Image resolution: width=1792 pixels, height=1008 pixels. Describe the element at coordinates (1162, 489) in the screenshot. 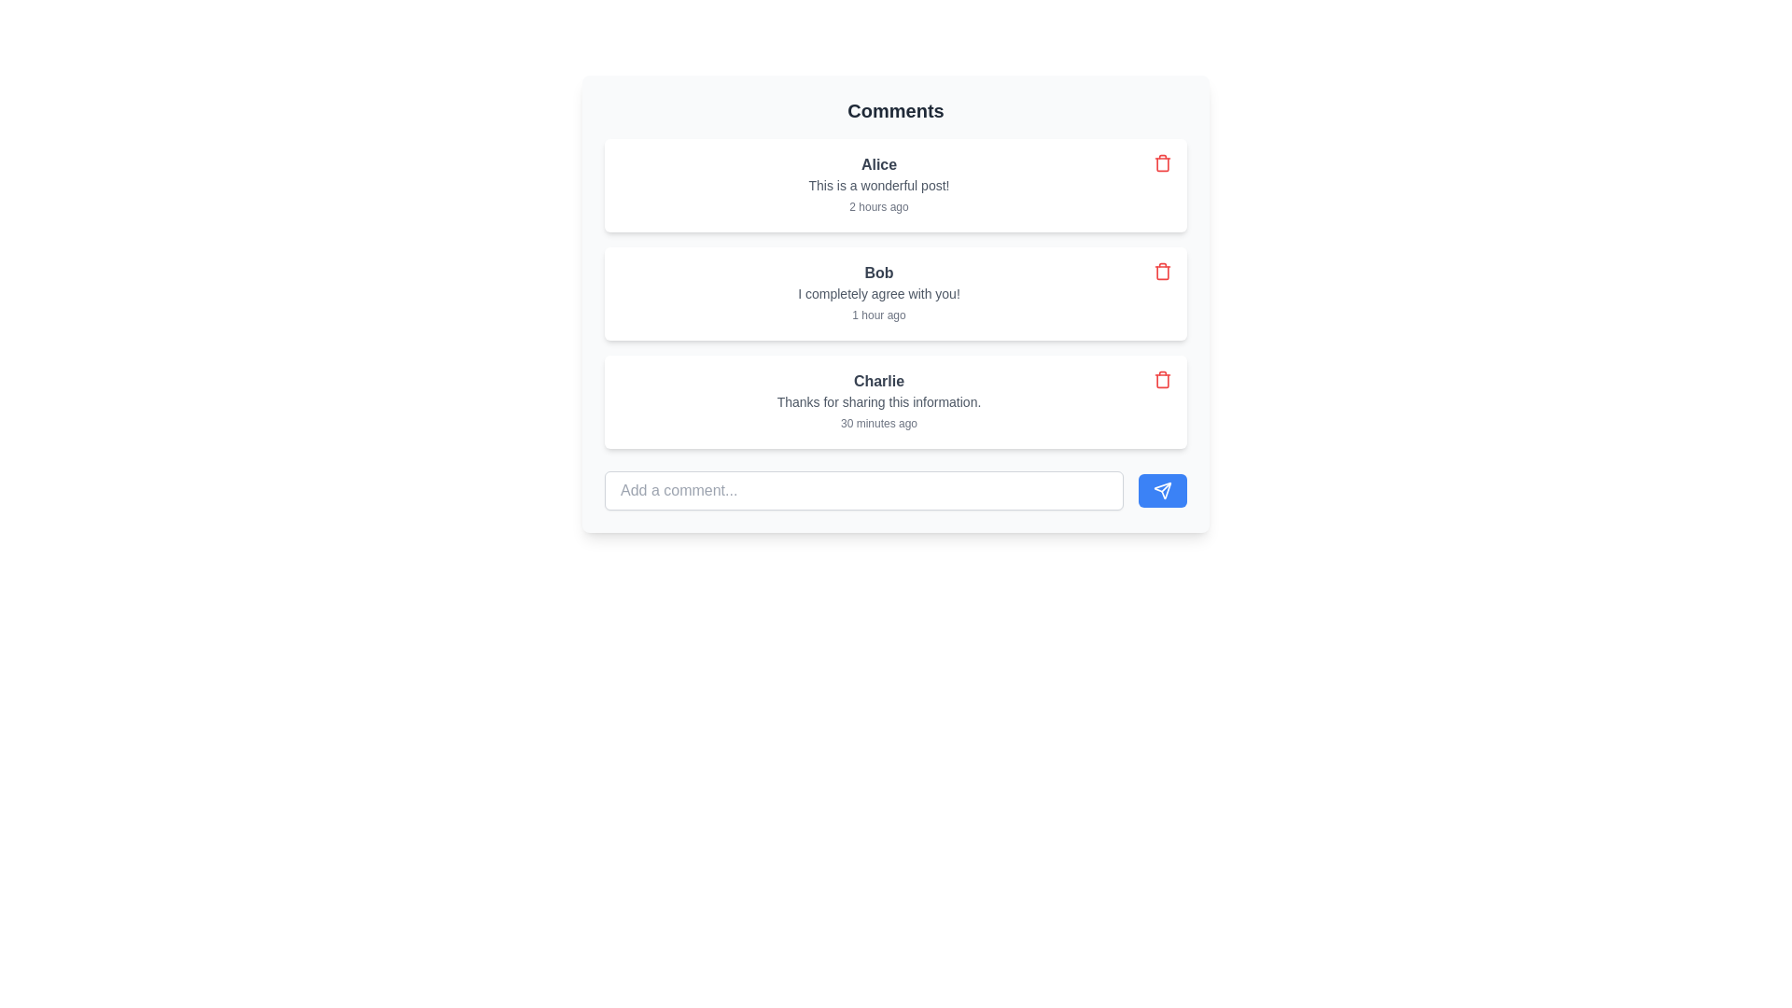

I see `the 'send' action SVG graphic icon embedded within a small blue button located at the bottom-right corner of the interface` at that location.